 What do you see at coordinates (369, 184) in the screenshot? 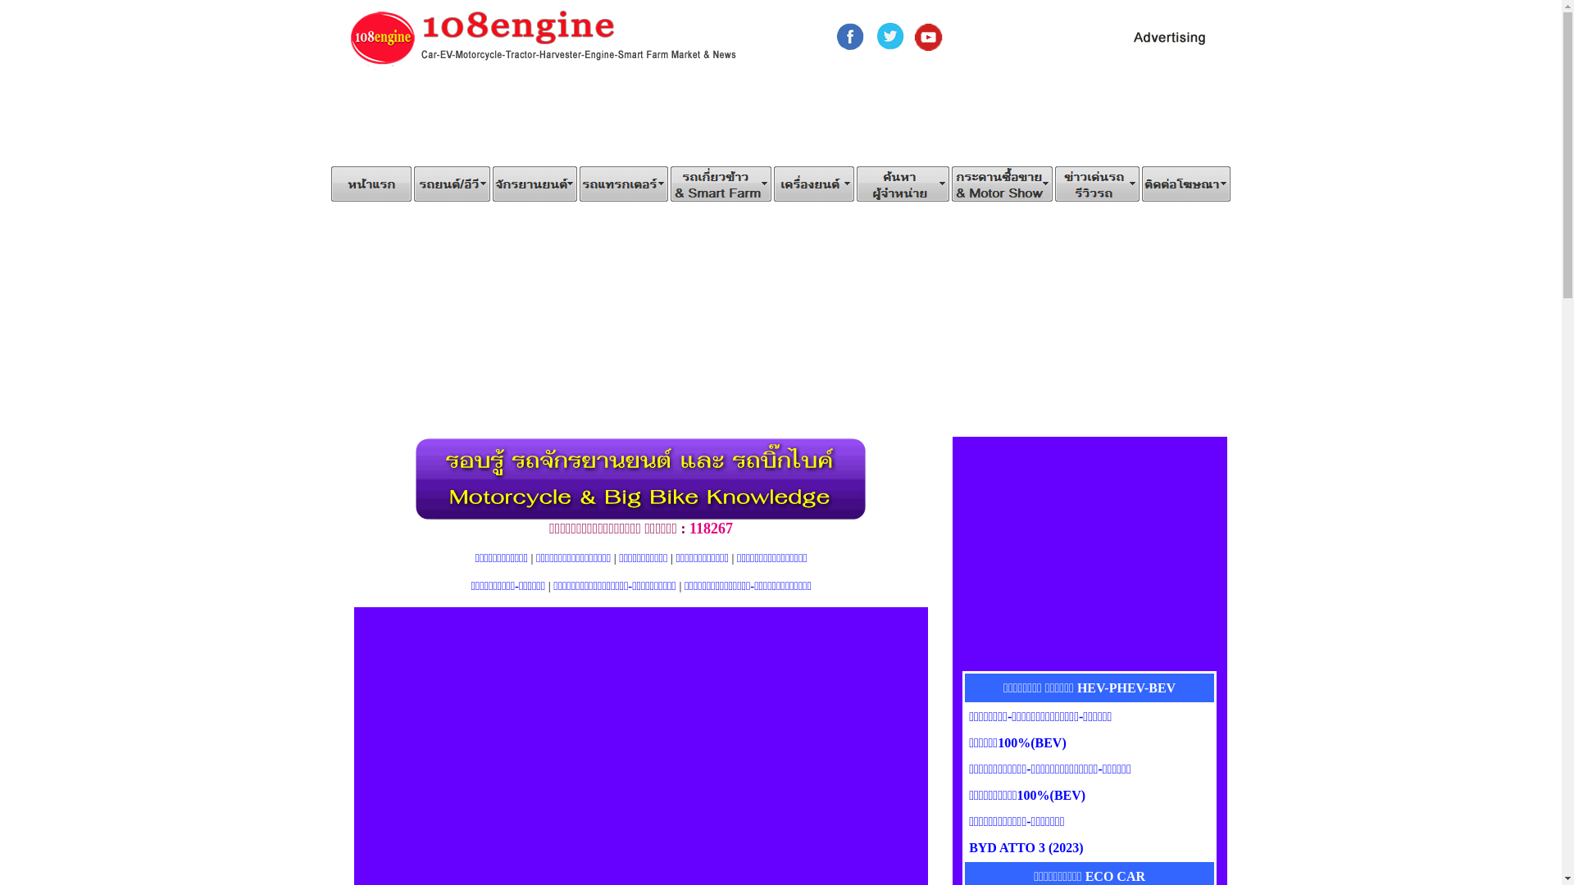
I see `'Home'` at bounding box center [369, 184].